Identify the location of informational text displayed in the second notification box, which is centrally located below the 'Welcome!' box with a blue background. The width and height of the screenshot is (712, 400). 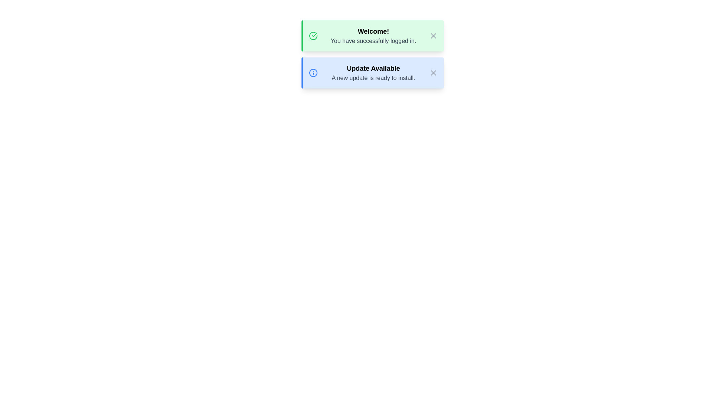
(373, 73).